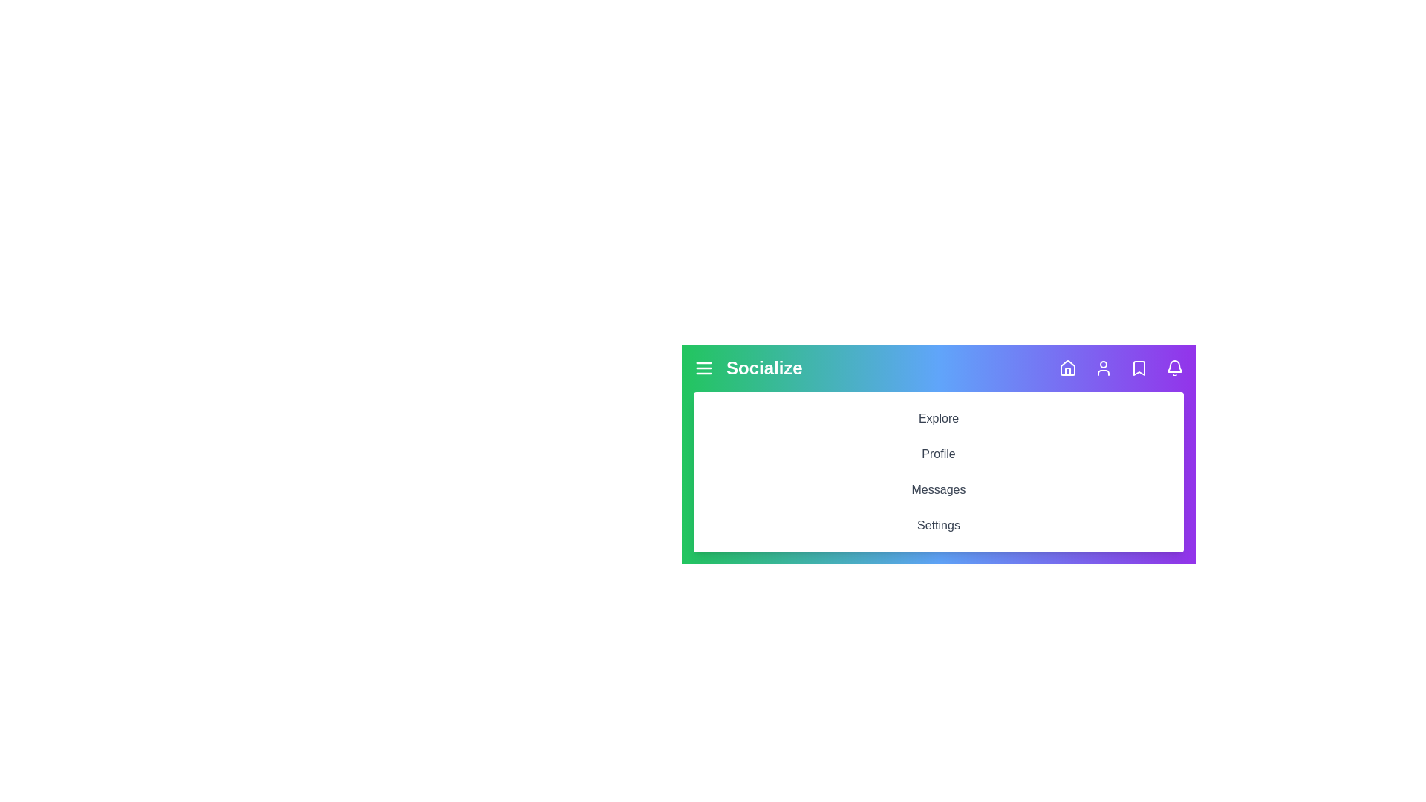  I want to click on the menu icon to toggle the menu visibility, so click(703, 368).